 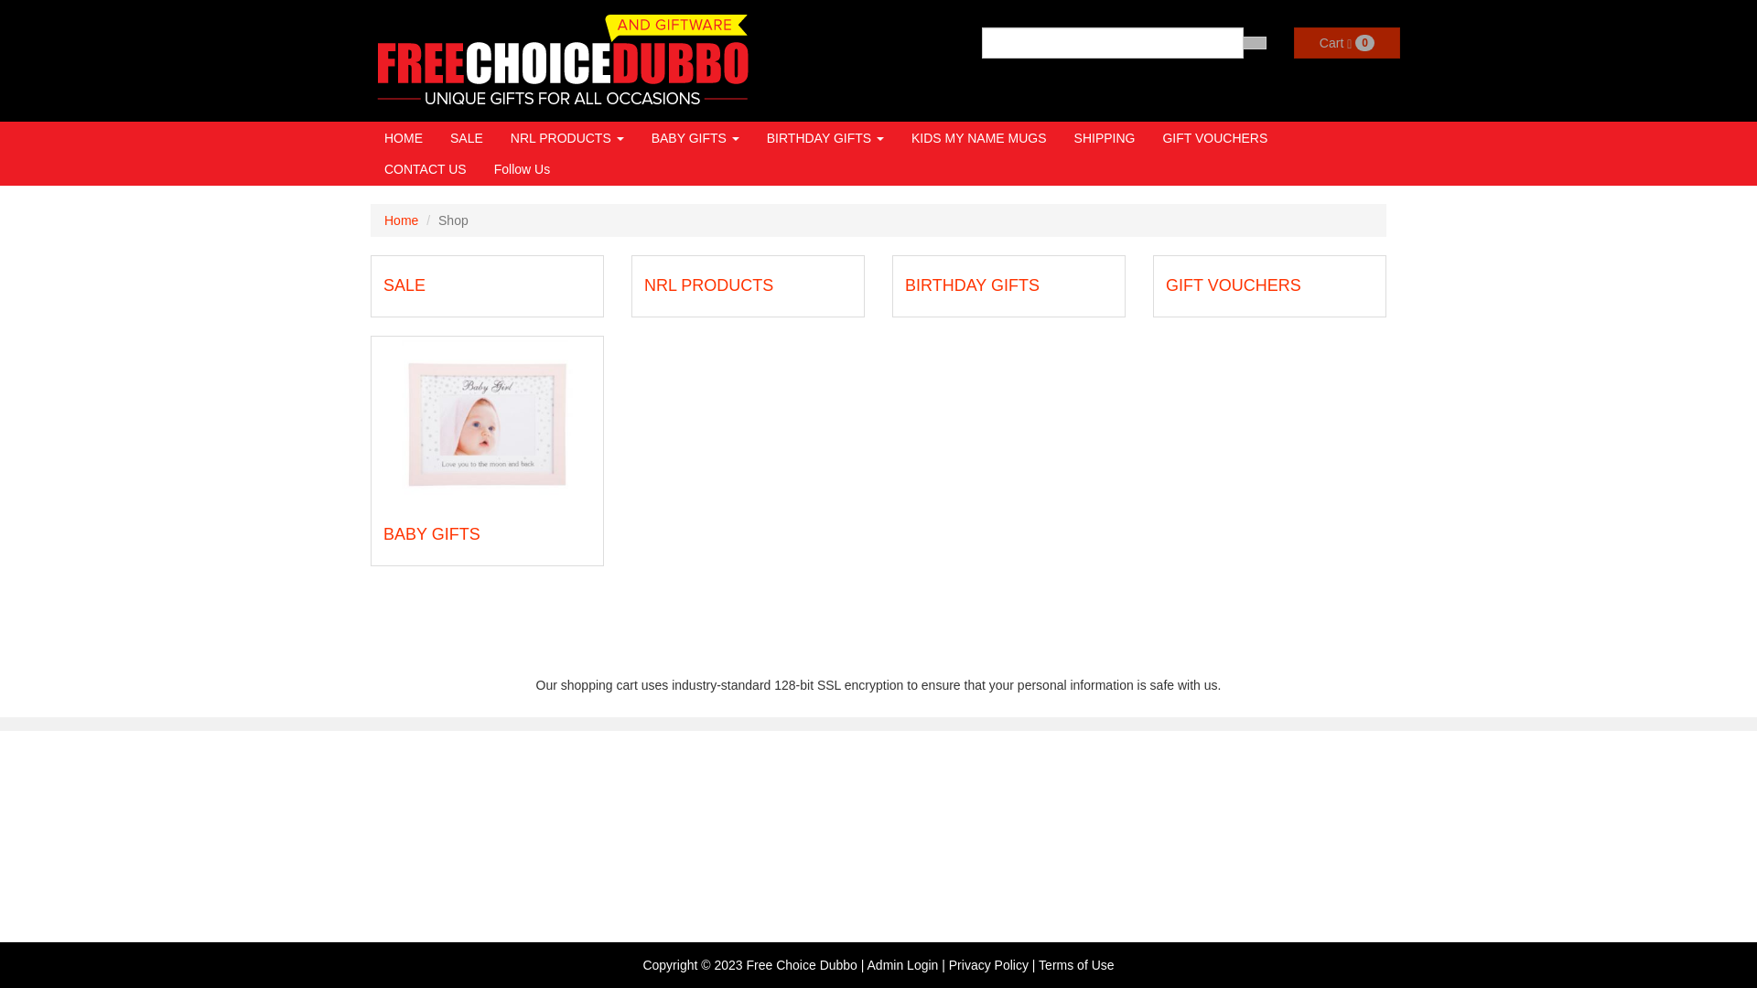 What do you see at coordinates (403, 136) in the screenshot?
I see `'HOME'` at bounding box center [403, 136].